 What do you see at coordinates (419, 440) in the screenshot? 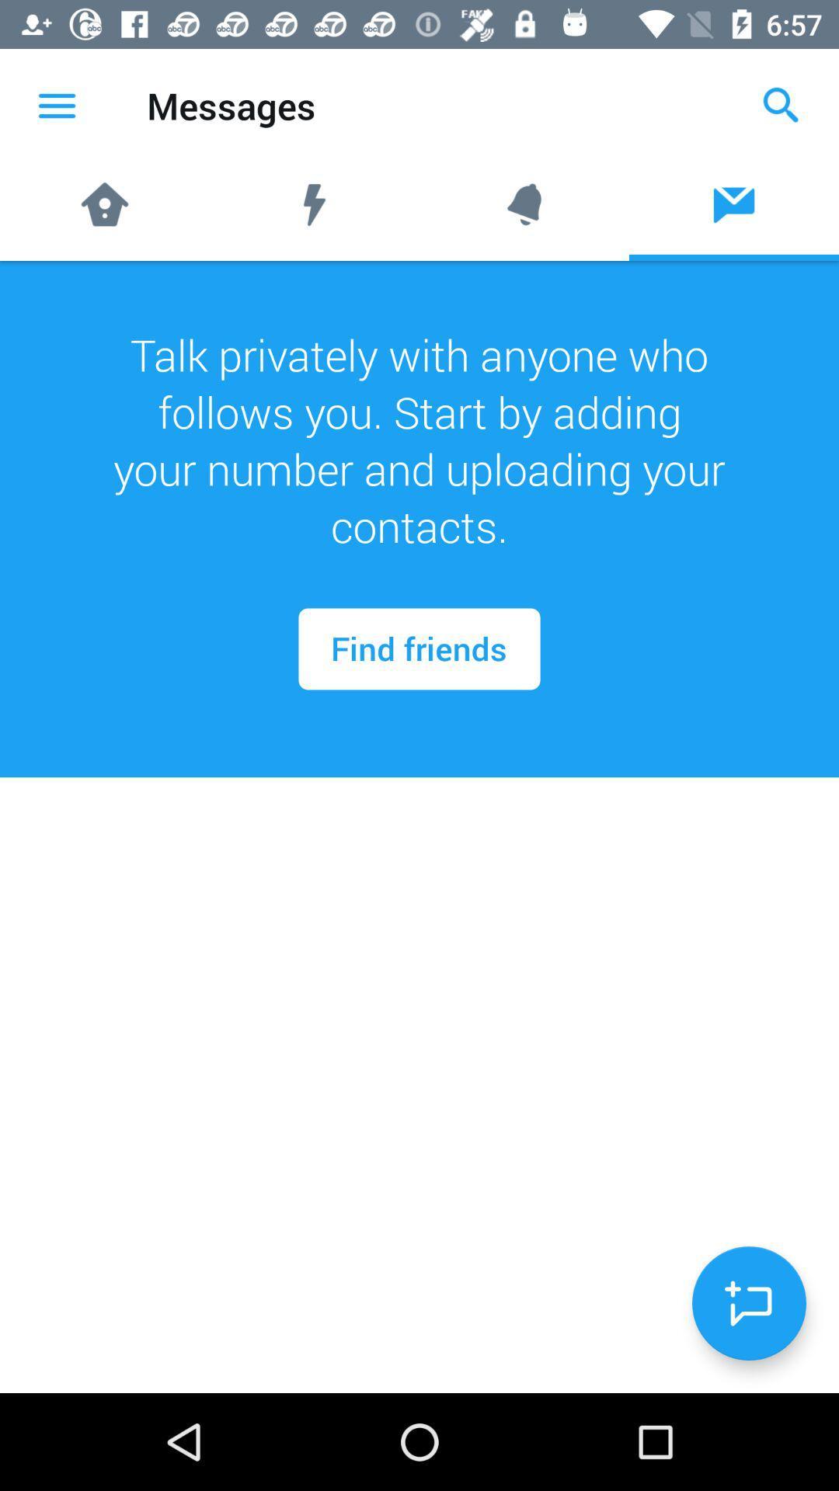
I see `the talk privately with item` at bounding box center [419, 440].